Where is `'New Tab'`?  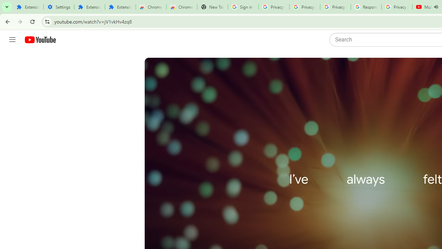 'New Tab' is located at coordinates (212, 7).